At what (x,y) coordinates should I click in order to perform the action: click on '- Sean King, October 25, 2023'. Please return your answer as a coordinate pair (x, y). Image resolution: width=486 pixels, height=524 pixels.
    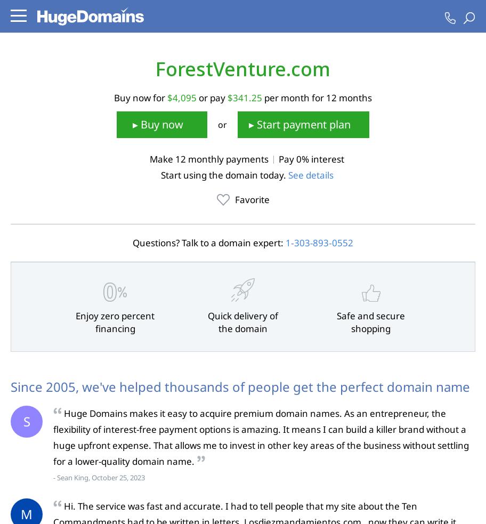
    Looking at the image, I should click on (99, 478).